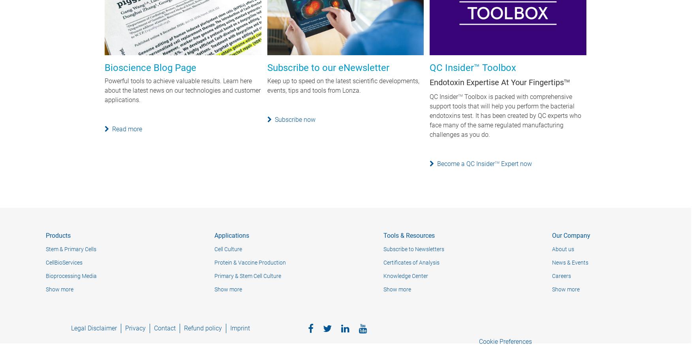  What do you see at coordinates (135, 328) in the screenshot?
I see `'Privacy'` at bounding box center [135, 328].